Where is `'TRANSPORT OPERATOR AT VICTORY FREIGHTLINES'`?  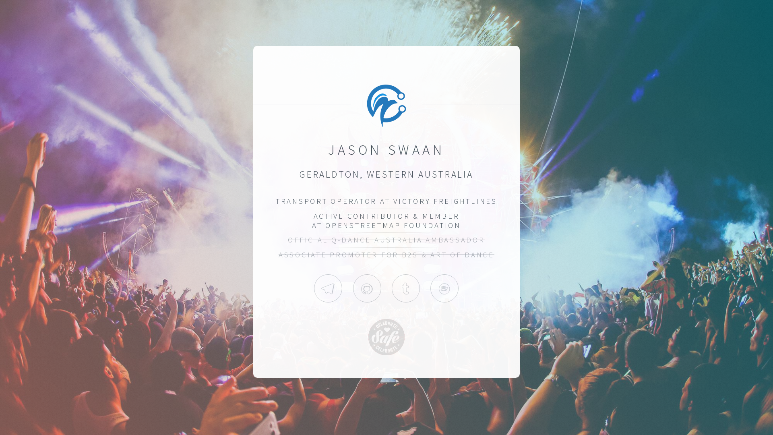 'TRANSPORT OPERATOR AT VICTORY FREIGHTLINES' is located at coordinates (386, 201).